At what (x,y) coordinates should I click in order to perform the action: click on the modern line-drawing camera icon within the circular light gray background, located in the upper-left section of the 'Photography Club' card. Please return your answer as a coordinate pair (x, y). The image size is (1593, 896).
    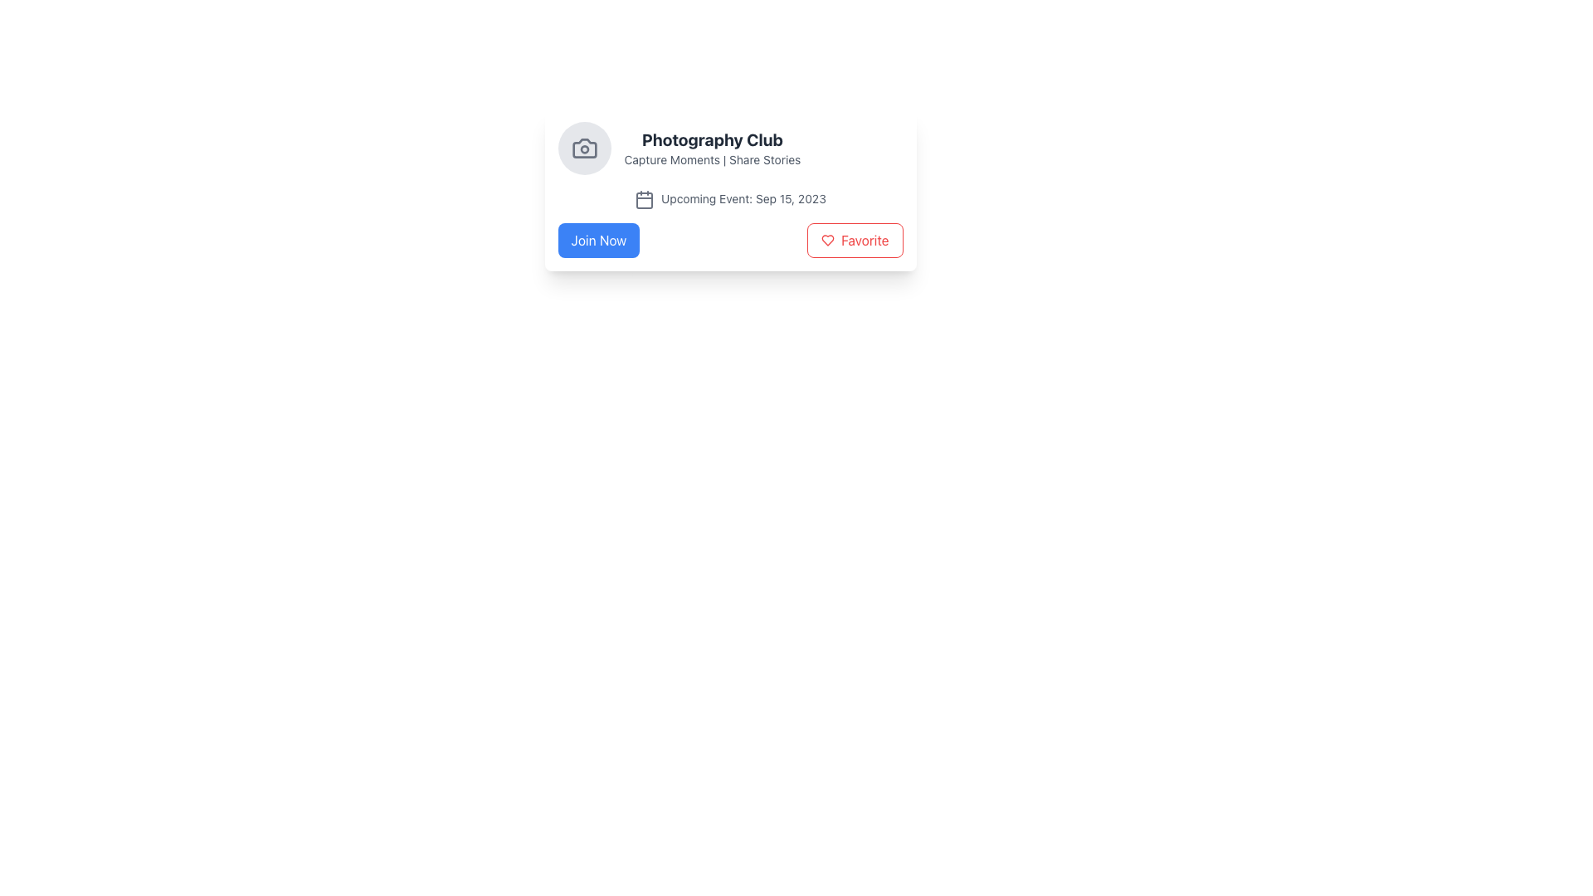
    Looking at the image, I should click on (584, 147).